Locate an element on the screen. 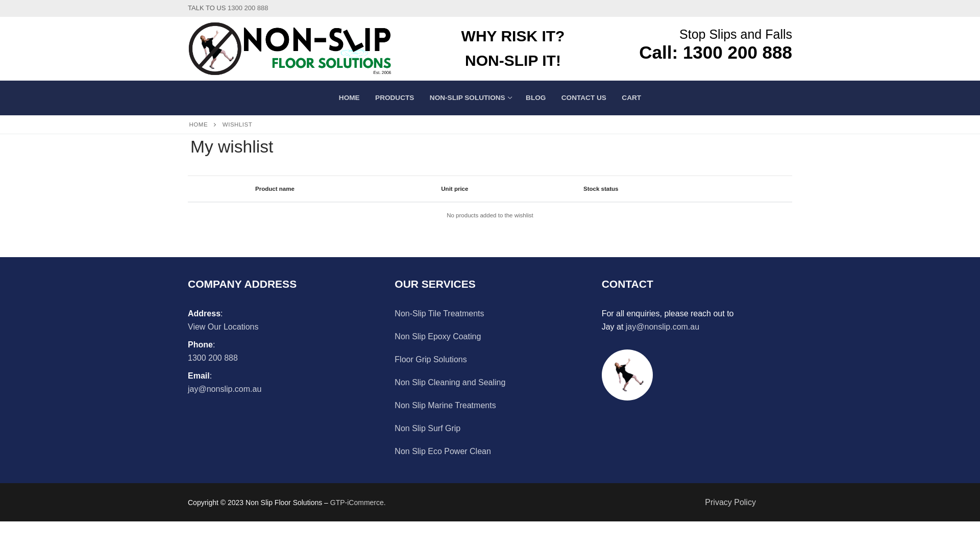 The image size is (980, 551). 'Privacy Policy' is located at coordinates (729, 502).